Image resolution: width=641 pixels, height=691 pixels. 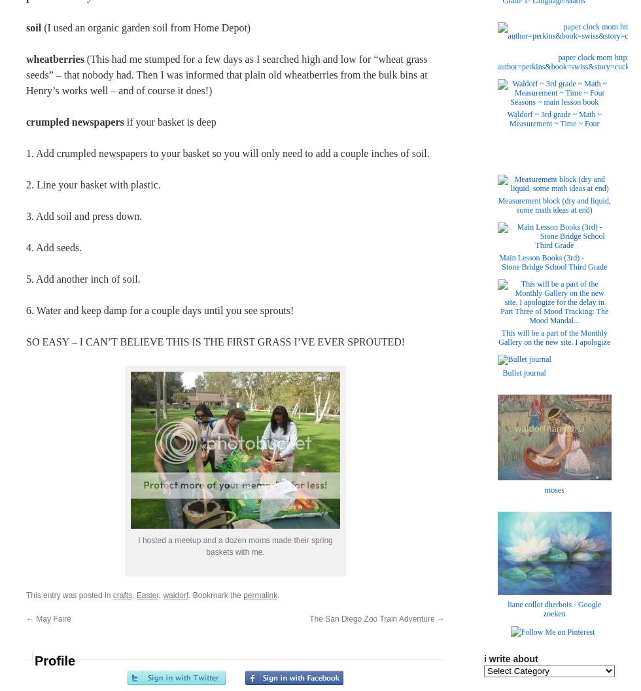 I want to click on '.', so click(x=278, y=594).